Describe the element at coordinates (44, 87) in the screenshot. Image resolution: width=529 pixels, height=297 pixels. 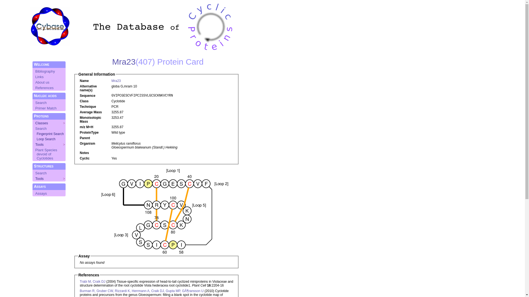
I see `'References'` at that location.